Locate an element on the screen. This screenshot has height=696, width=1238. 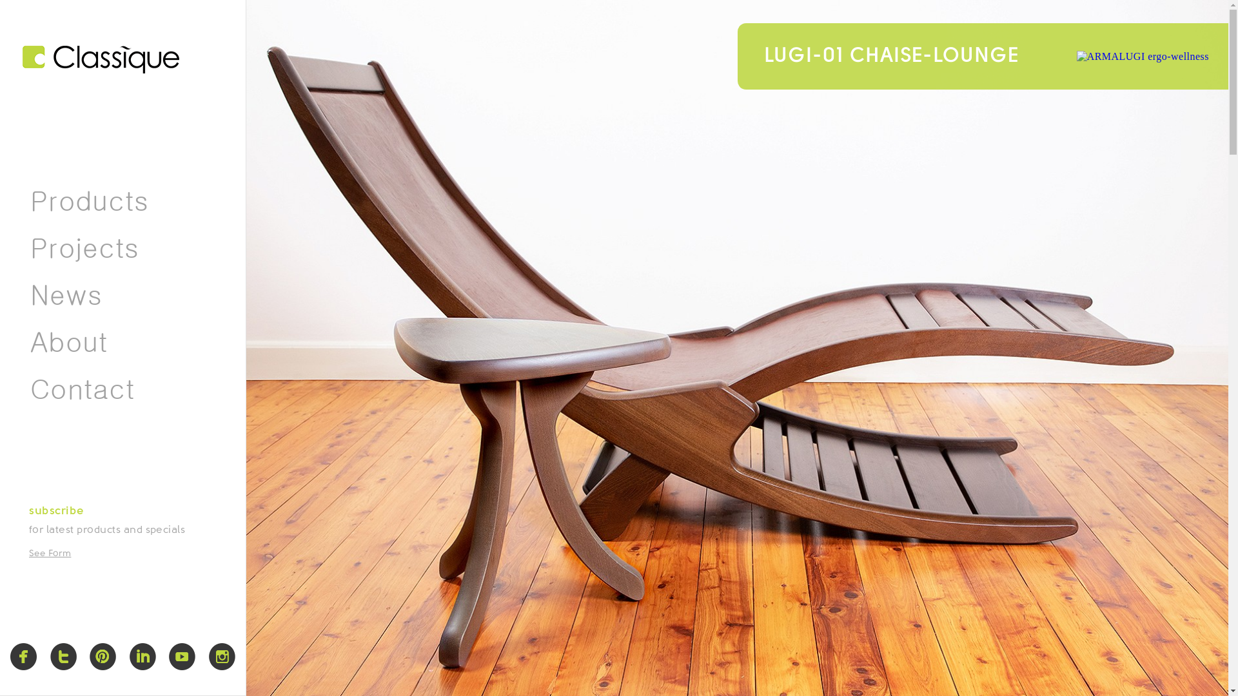
'Projects' is located at coordinates (84, 248).